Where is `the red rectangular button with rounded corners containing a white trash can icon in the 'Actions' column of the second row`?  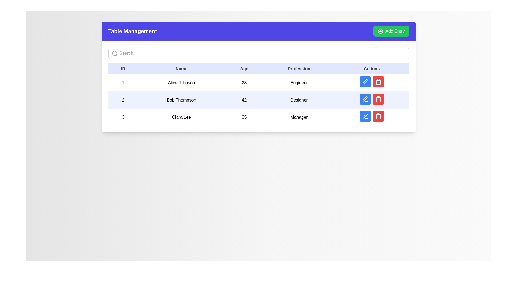
the red rectangular button with rounded corners containing a white trash can icon in the 'Actions' column of the second row is located at coordinates (378, 82).